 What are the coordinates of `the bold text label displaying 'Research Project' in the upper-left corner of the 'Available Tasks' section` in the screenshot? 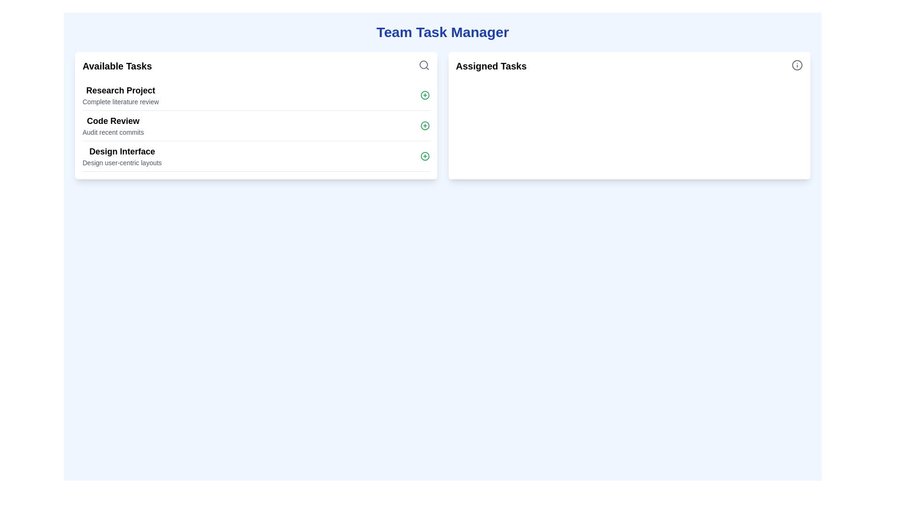 It's located at (120, 90).